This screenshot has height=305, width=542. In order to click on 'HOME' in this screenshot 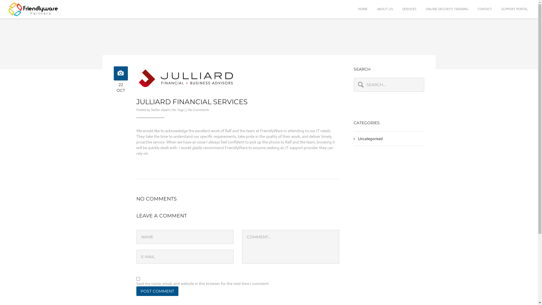, I will do `click(363, 9)`.